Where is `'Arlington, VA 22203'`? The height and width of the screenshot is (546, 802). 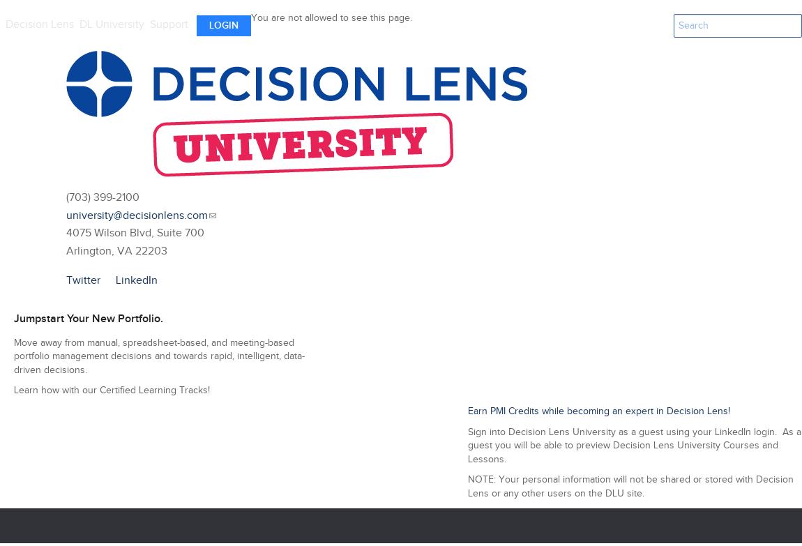 'Arlington, VA 22203' is located at coordinates (116, 250).